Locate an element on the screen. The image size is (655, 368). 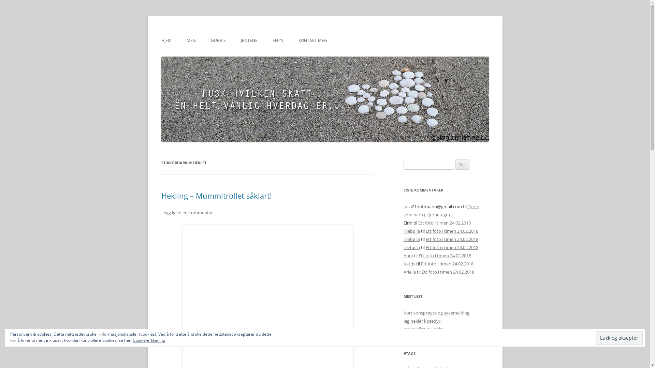
'Jeg hekler kosedyr..' is located at coordinates (422, 321).